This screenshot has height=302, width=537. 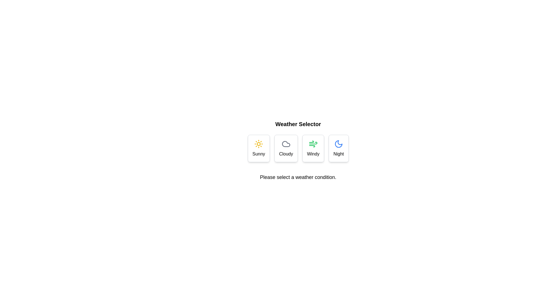 What do you see at coordinates (286, 144) in the screenshot?
I see `the cloud icon located in the second tile labeled 'Cloudy' in the weather selection interface` at bounding box center [286, 144].